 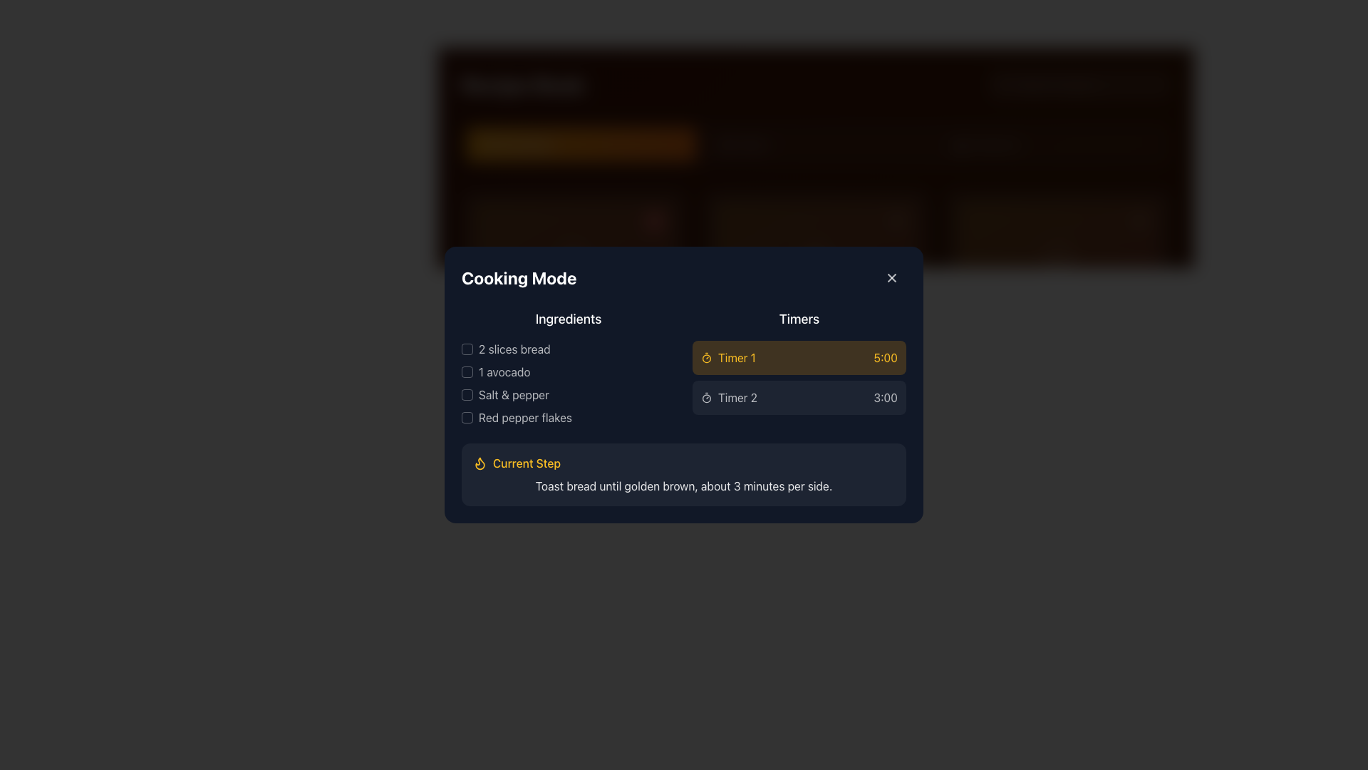 I want to click on the checkbox for 'Salt & pepper', so click(x=467, y=395).